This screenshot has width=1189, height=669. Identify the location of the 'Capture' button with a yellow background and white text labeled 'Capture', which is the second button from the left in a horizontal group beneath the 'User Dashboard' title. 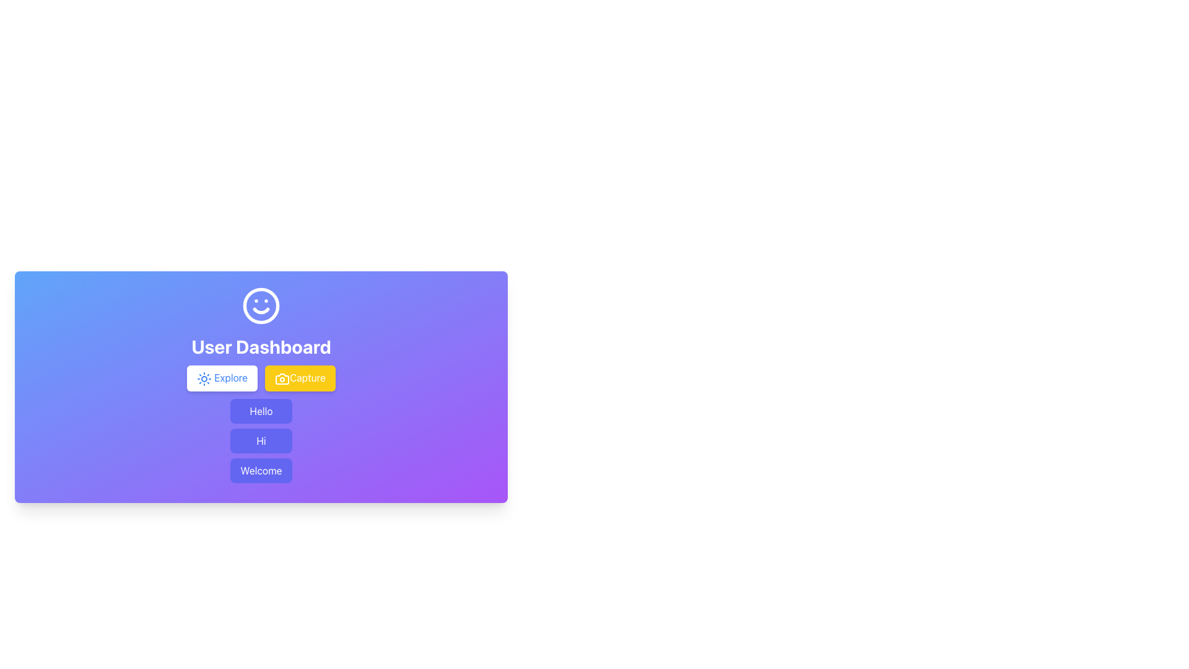
(300, 377).